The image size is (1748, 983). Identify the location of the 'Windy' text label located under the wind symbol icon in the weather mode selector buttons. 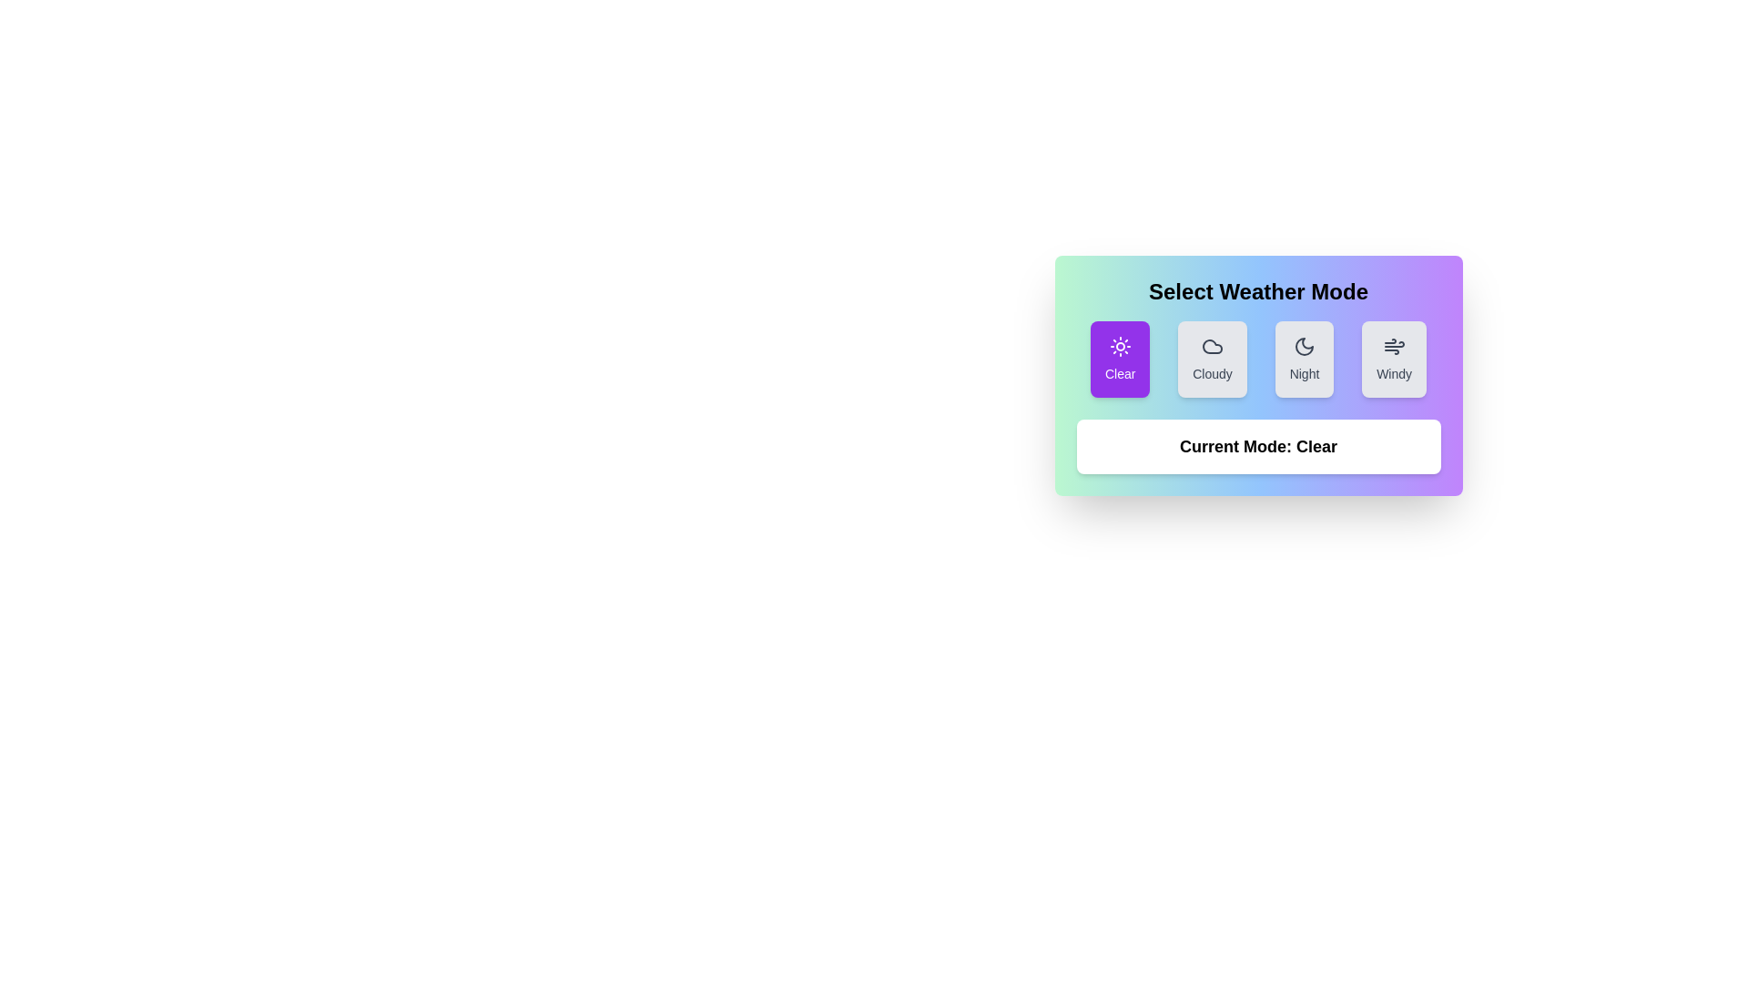
(1393, 373).